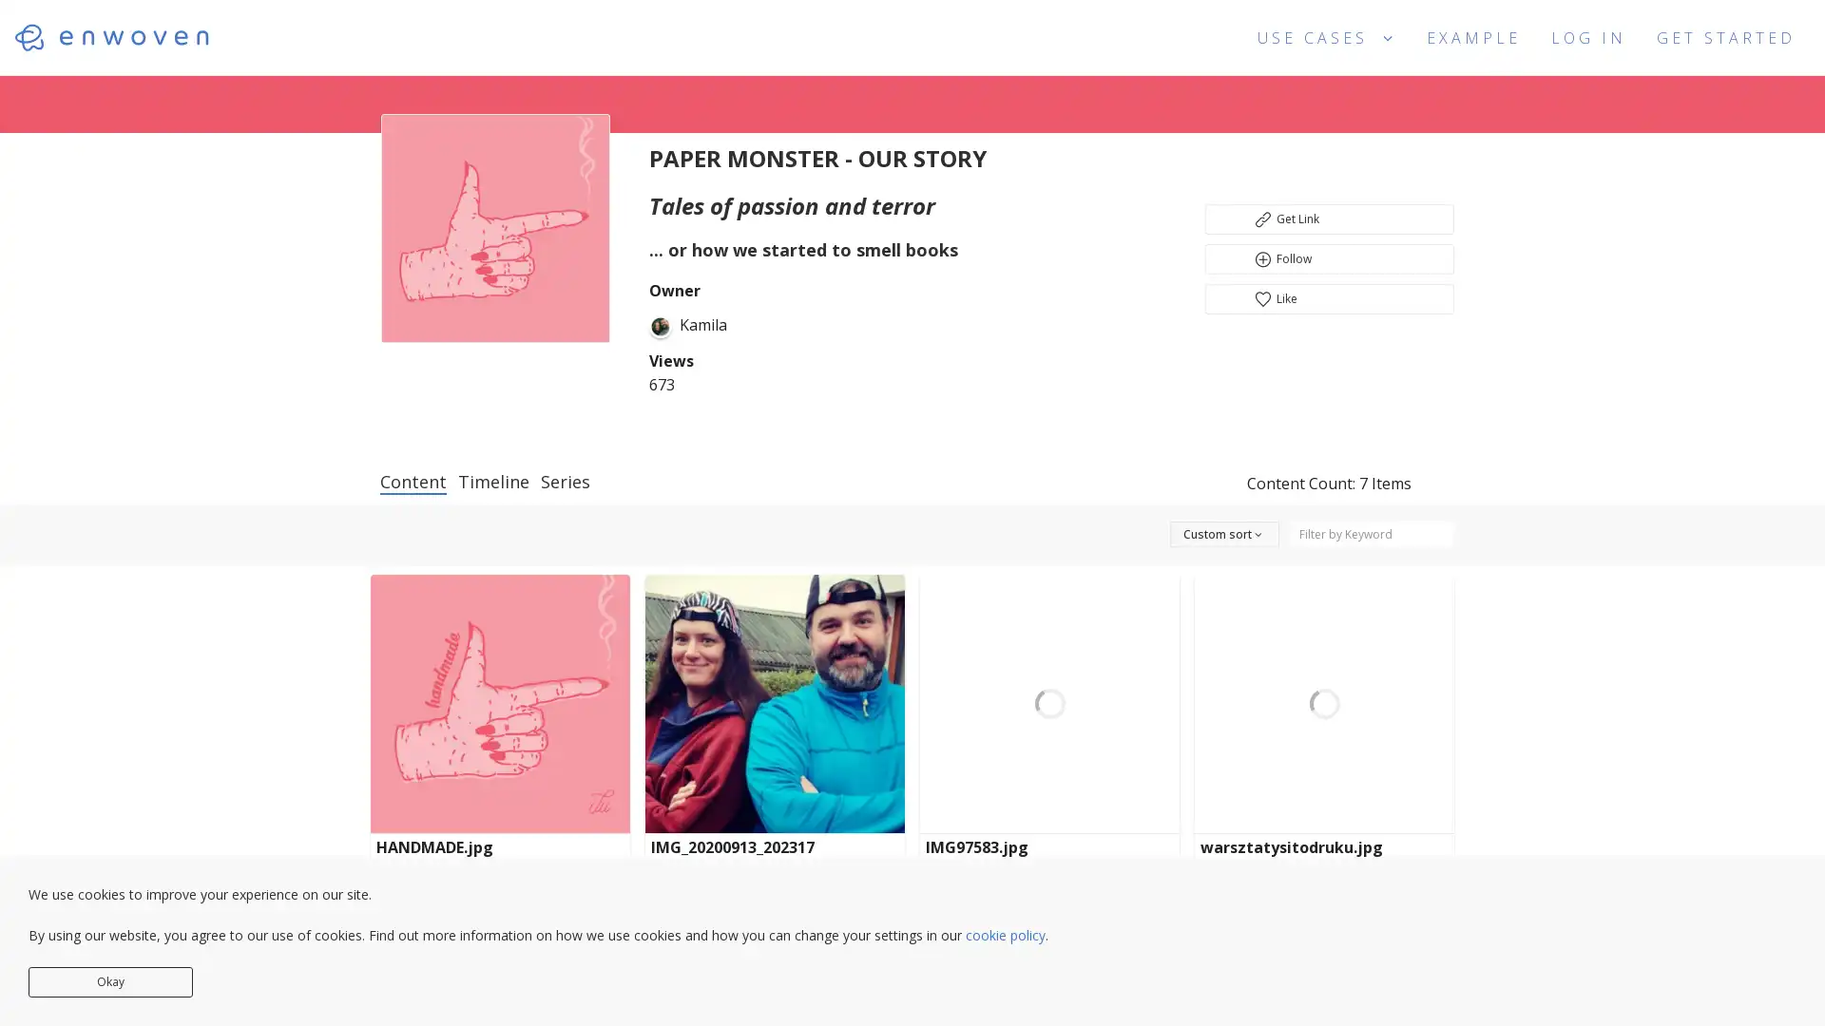 The image size is (1825, 1026). Describe the element at coordinates (413, 480) in the screenshot. I see `Content` at that location.